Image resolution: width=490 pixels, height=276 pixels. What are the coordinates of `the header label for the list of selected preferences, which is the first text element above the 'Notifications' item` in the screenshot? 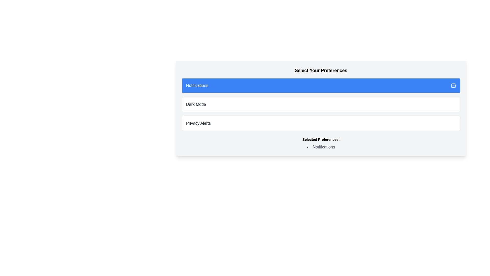 It's located at (321, 140).